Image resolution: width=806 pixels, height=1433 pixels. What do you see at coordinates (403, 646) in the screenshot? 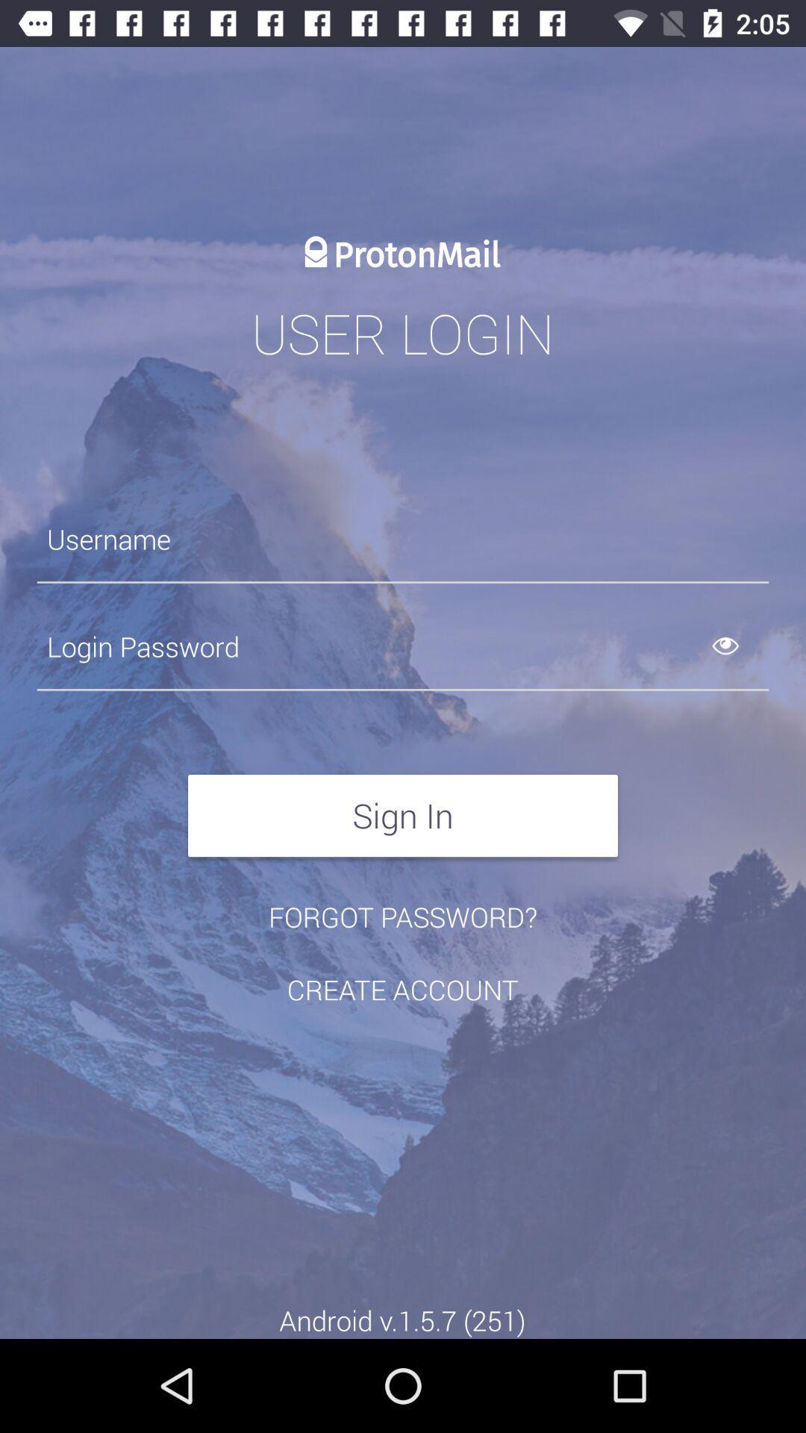
I see `password field` at bounding box center [403, 646].